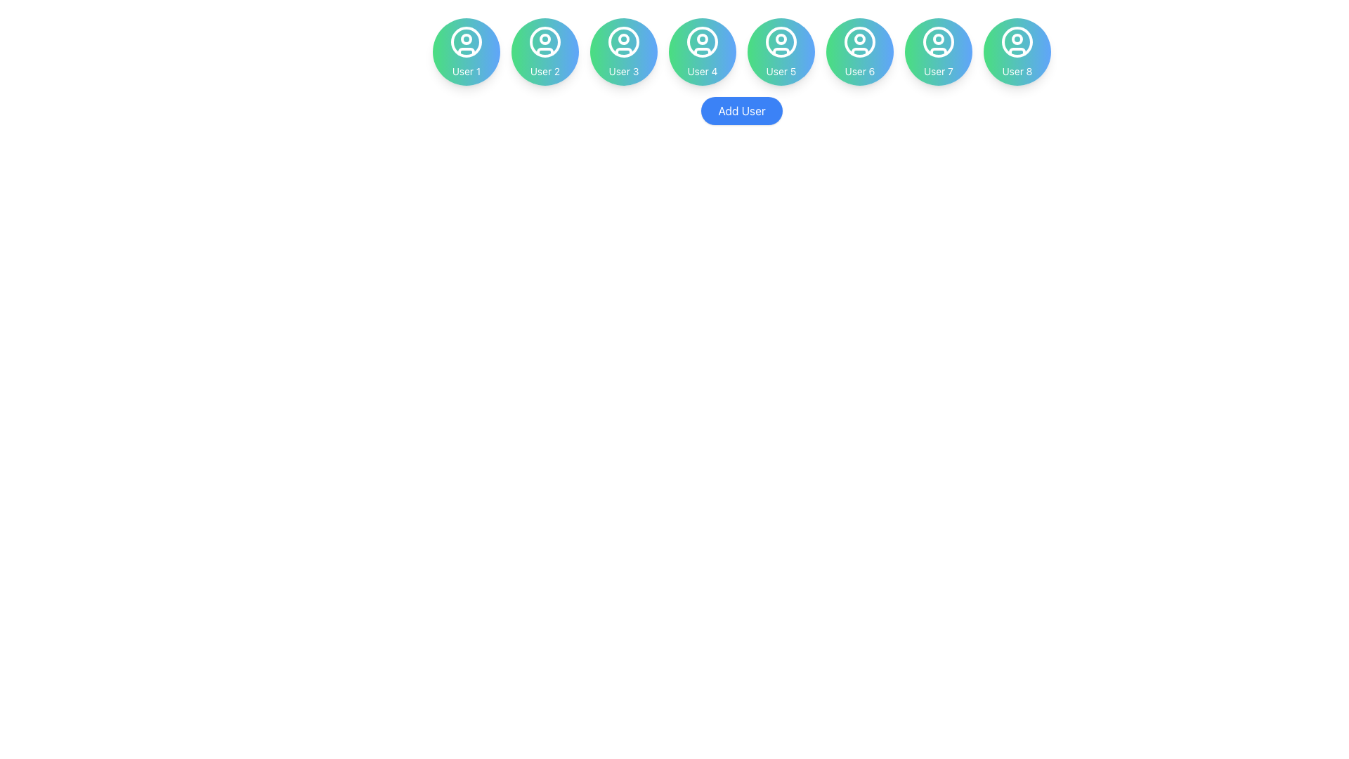 The height and width of the screenshot is (759, 1349). What do you see at coordinates (702, 41) in the screenshot?
I see `the decorative SVG Circle that represents the boundary of the 'User 4' icon` at bounding box center [702, 41].